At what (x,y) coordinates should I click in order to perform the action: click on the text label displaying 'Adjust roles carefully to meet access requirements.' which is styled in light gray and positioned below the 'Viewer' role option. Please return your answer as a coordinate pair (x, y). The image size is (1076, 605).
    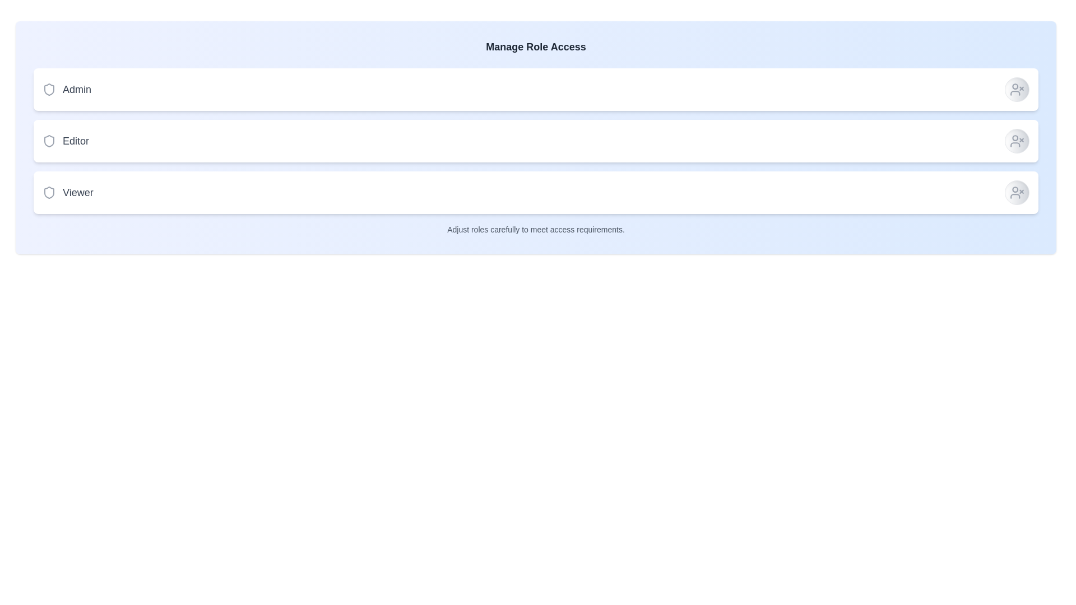
    Looking at the image, I should click on (535, 229).